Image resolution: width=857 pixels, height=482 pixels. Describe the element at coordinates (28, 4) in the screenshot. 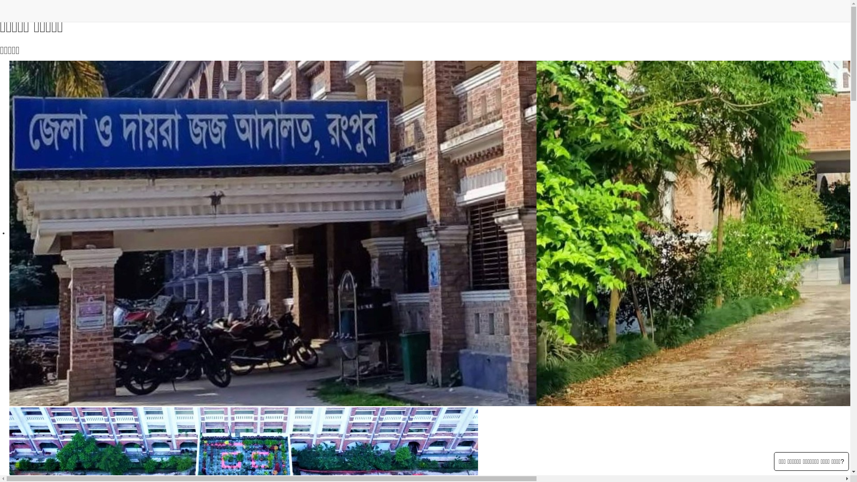

I see `'Skip to main content'` at that location.